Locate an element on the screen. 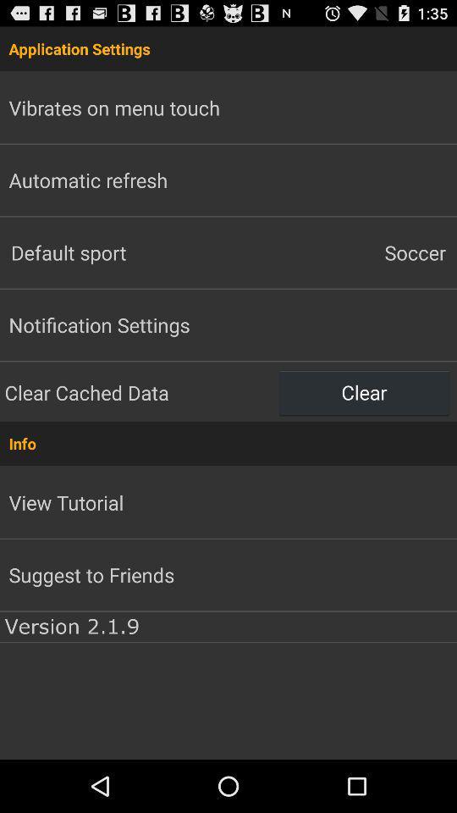 The height and width of the screenshot is (813, 457). the item below default sport icon is located at coordinates (99, 324).